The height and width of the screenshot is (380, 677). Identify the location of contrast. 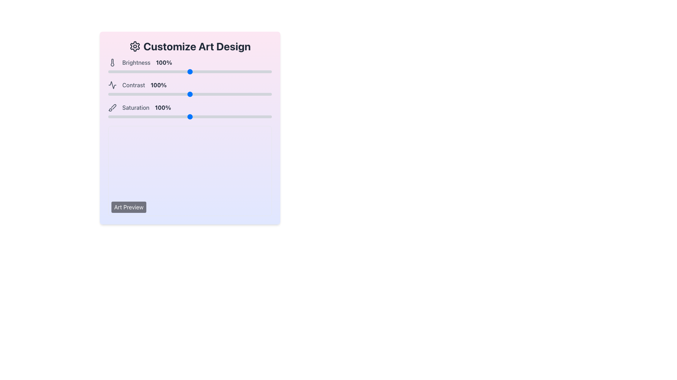
(232, 94).